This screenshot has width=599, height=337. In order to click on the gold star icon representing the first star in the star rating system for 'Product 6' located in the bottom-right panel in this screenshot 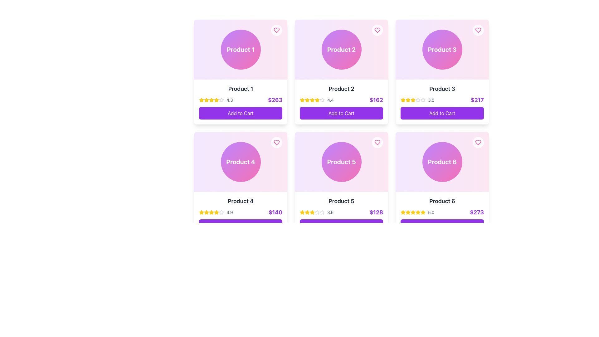, I will do `click(418, 212)`.